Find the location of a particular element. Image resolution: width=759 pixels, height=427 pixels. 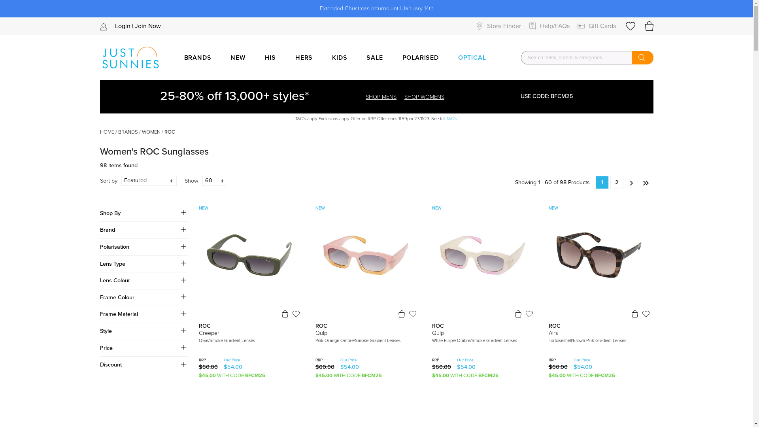

'Extended Christmas returns until January 14th' is located at coordinates (376, 9).